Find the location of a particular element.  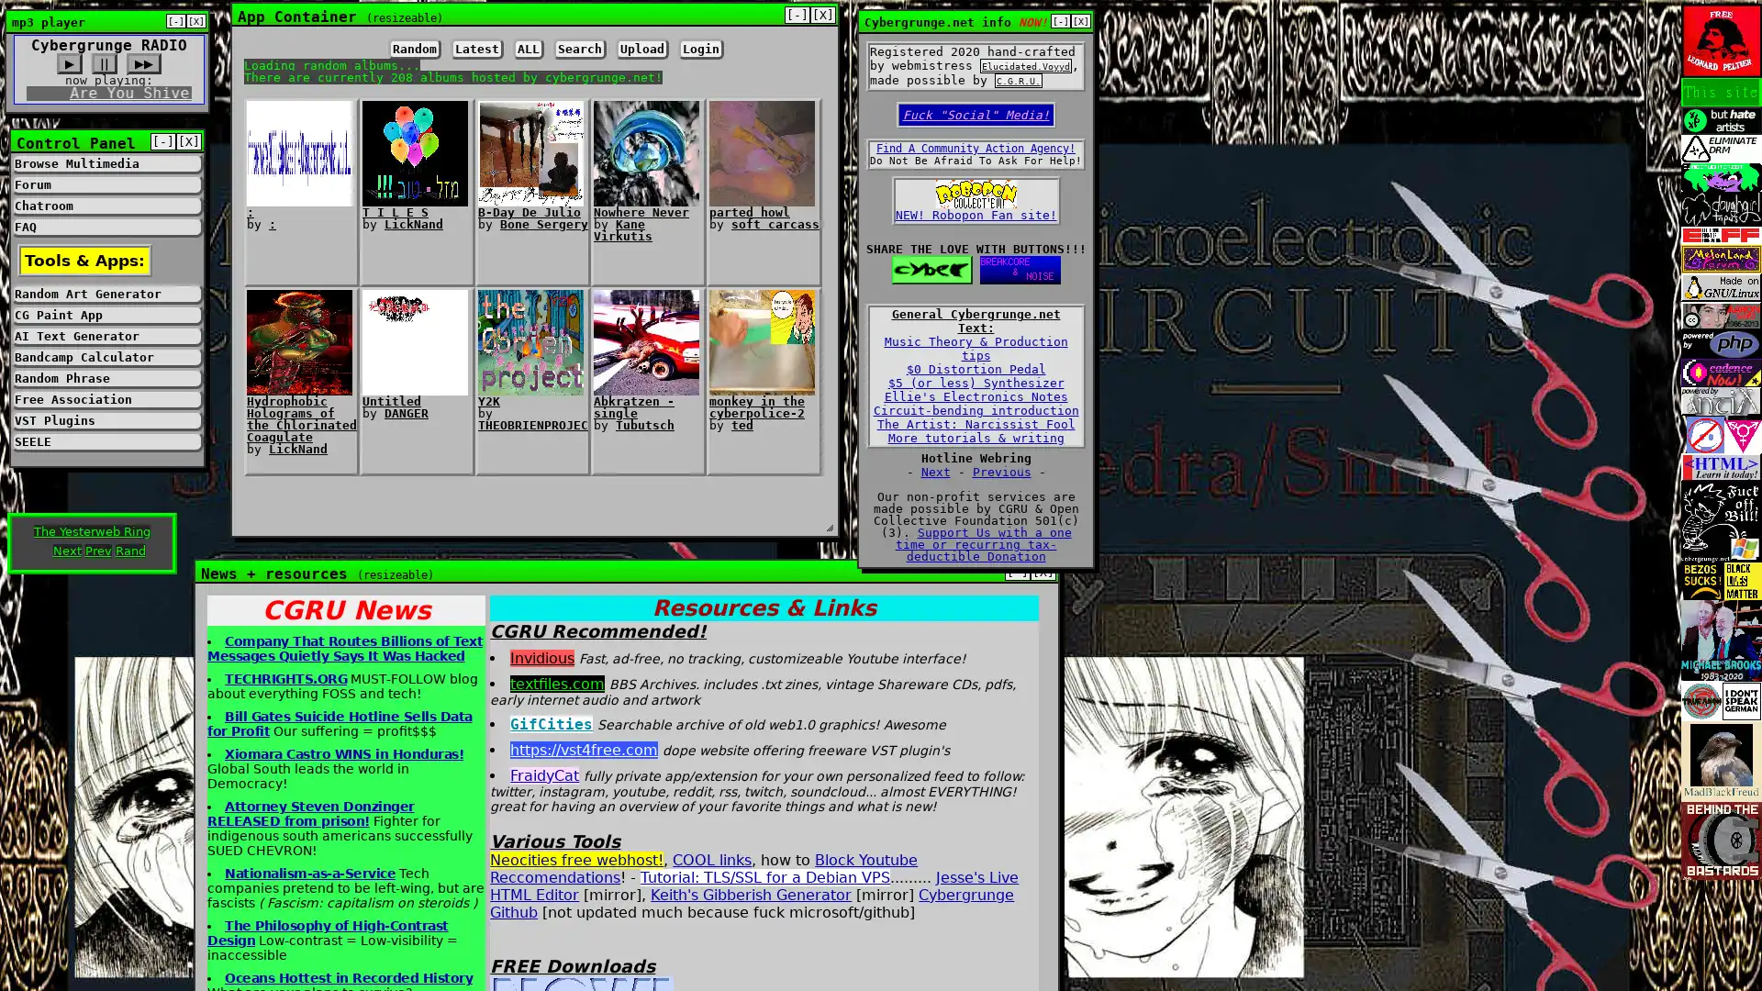

[-] is located at coordinates (162, 140).